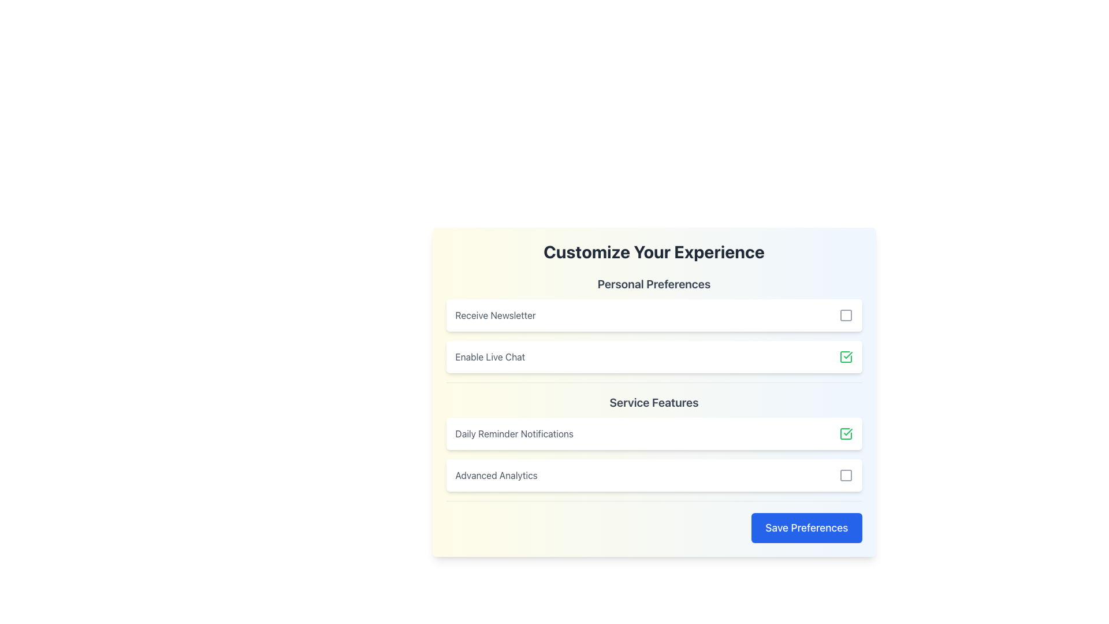  What do you see at coordinates (846, 356) in the screenshot?
I see `the checked status SVG graphical element of the 'Enable Live Chat' checkbox located in the second row under 'Personal Preferences' in the 'Customize Your Experience' settings form` at bounding box center [846, 356].